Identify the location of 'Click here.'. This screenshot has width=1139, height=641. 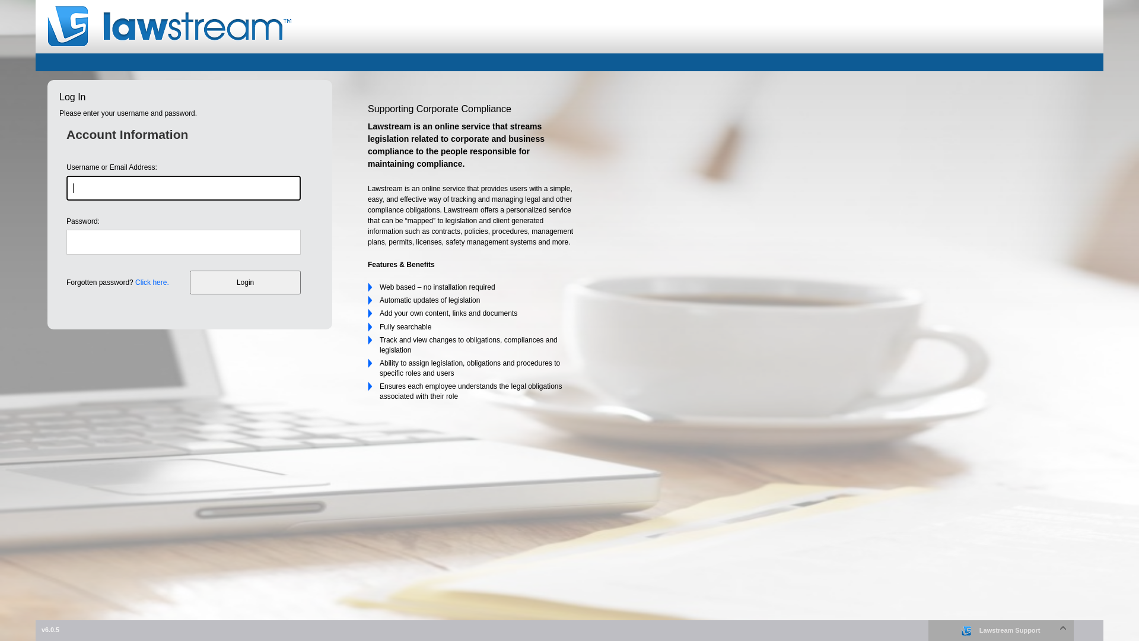
(151, 282).